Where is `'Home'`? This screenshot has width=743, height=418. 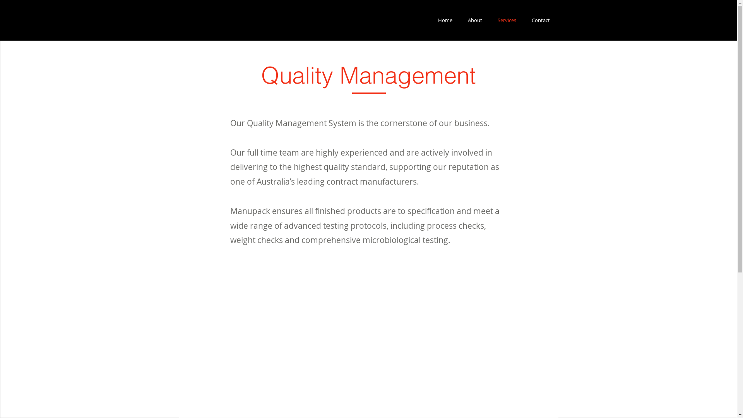 'Home' is located at coordinates (445, 20).